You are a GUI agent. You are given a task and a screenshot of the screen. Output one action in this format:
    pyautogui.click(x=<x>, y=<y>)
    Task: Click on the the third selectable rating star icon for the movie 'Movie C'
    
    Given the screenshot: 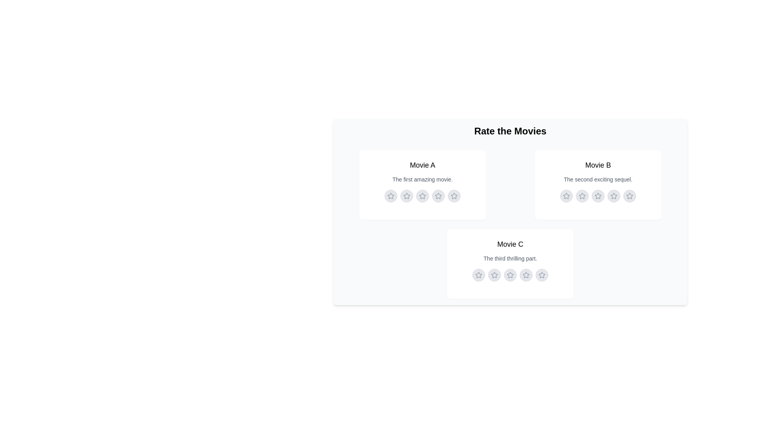 What is the action you would take?
    pyautogui.click(x=510, y=274)
    